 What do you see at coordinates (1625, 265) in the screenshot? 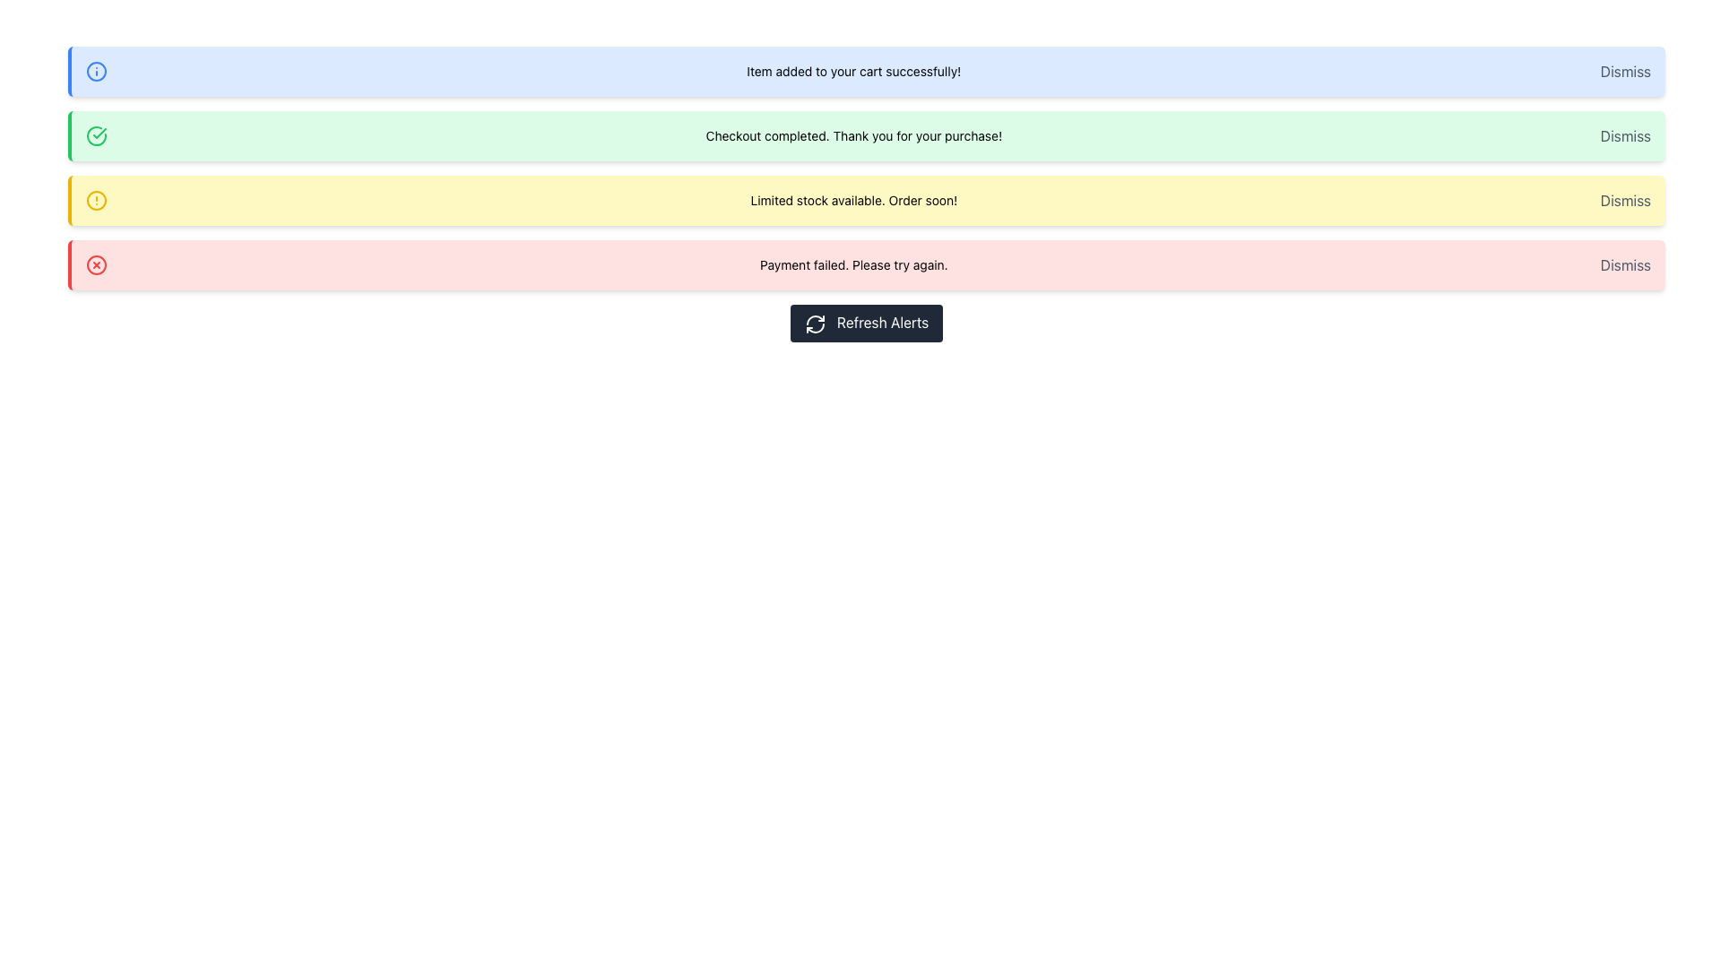
I see `the 'Dismiss' button, which is styled in gray and located at the far right of the red alert box labeled 'Payment failed. Please try again.'` at bounding box center [1625, 265].